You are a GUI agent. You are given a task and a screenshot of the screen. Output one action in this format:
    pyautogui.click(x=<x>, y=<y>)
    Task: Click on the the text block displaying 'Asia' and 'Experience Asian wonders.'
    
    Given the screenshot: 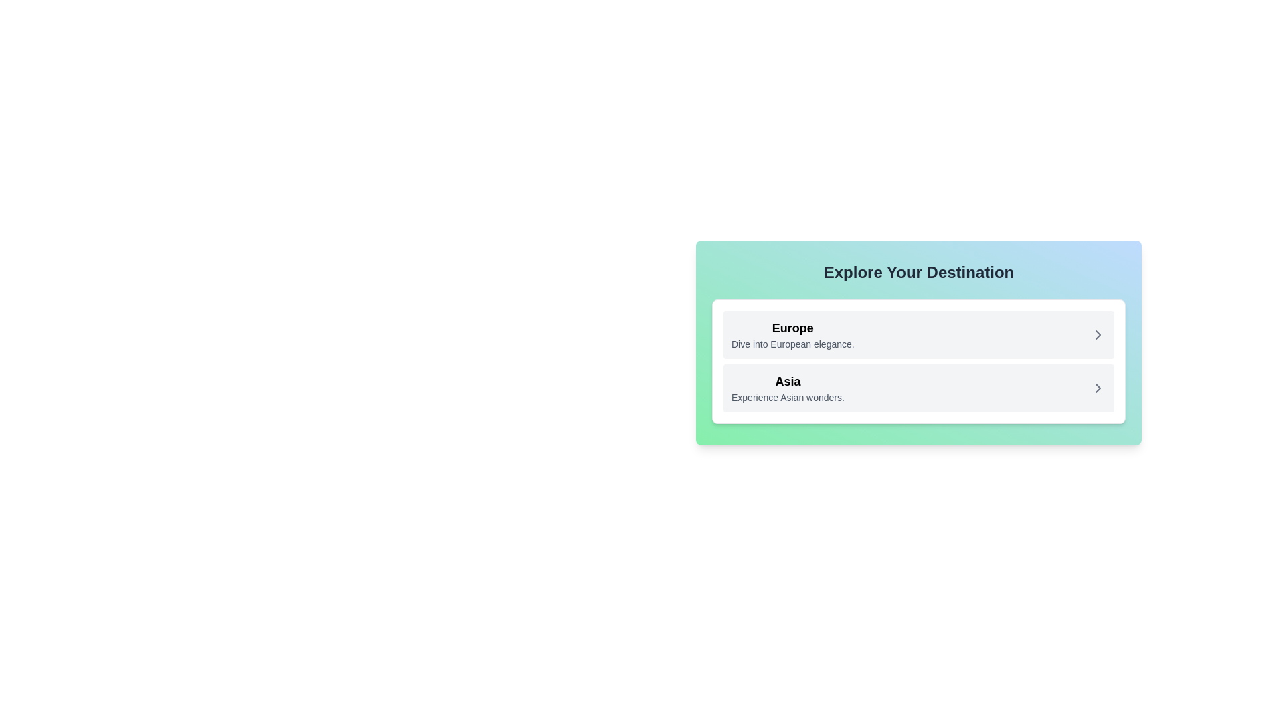 What is the action you would take?
    pyautogui.click(x=788, y=388)
    